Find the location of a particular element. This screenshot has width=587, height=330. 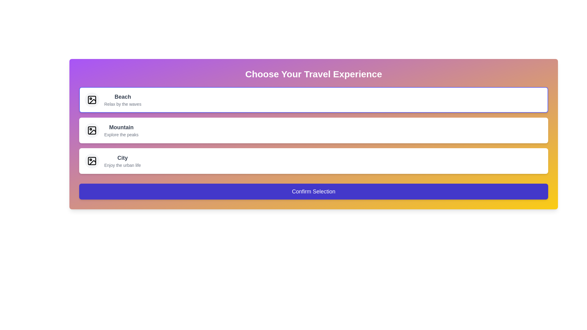

the descriptive text that enhances the user's understanding of the option 'City', which is located in the third option of the list directly below the heading is located at coordinates (122, 165).